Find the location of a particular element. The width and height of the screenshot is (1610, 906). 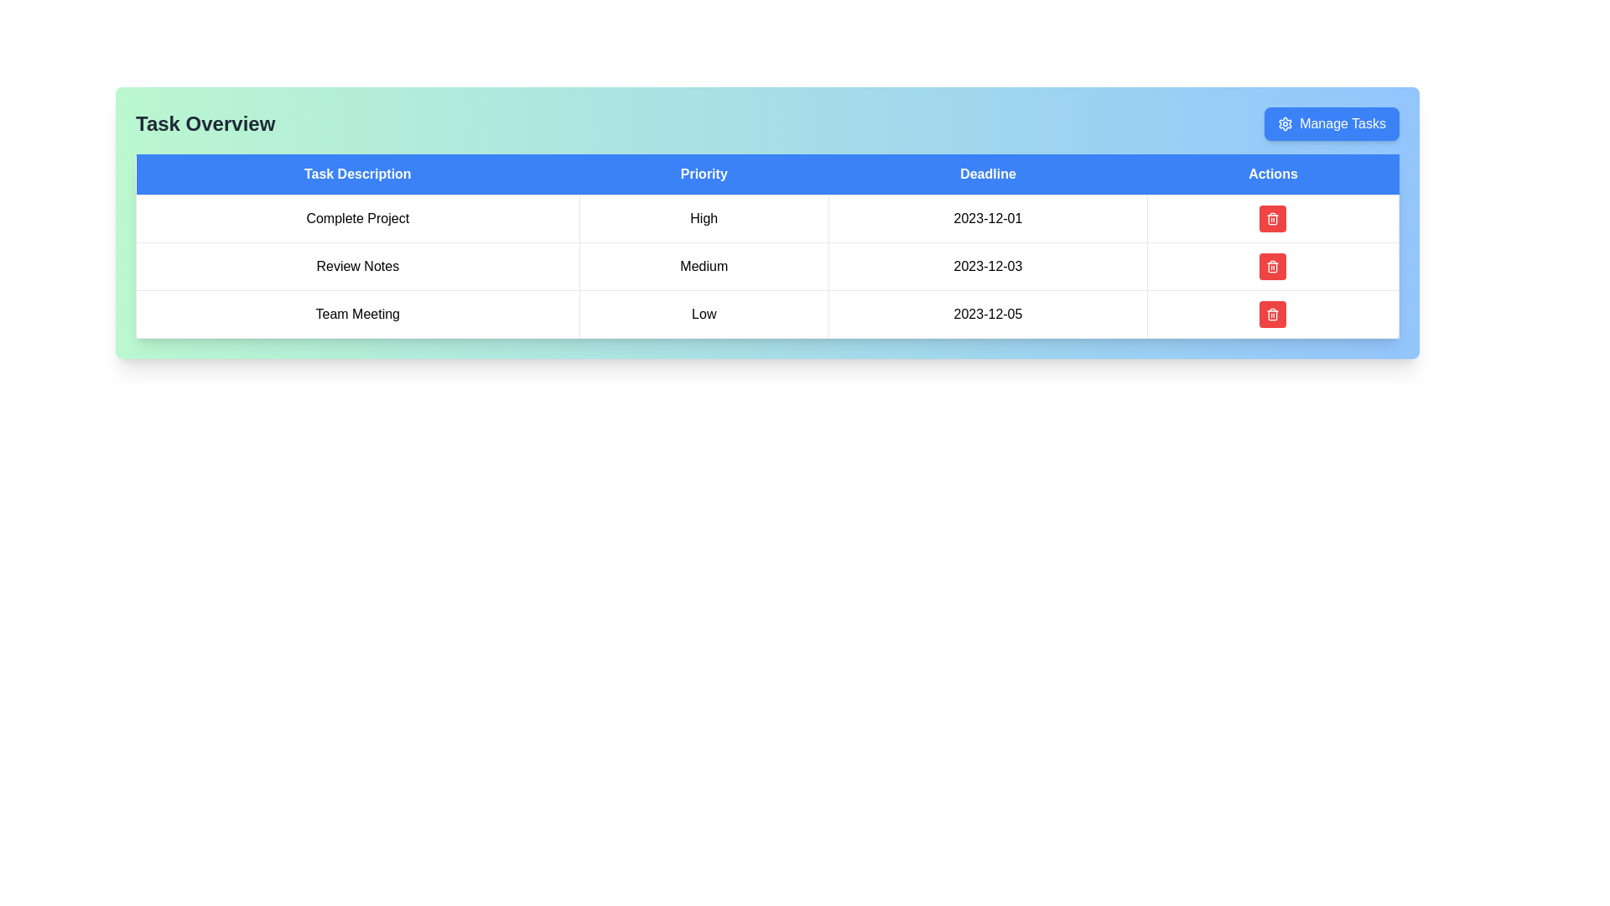

the 'Priority' label for the 'Review Notes' task in the 'Task Overview' section to identify its importance level is located at coordinates (704, 265).